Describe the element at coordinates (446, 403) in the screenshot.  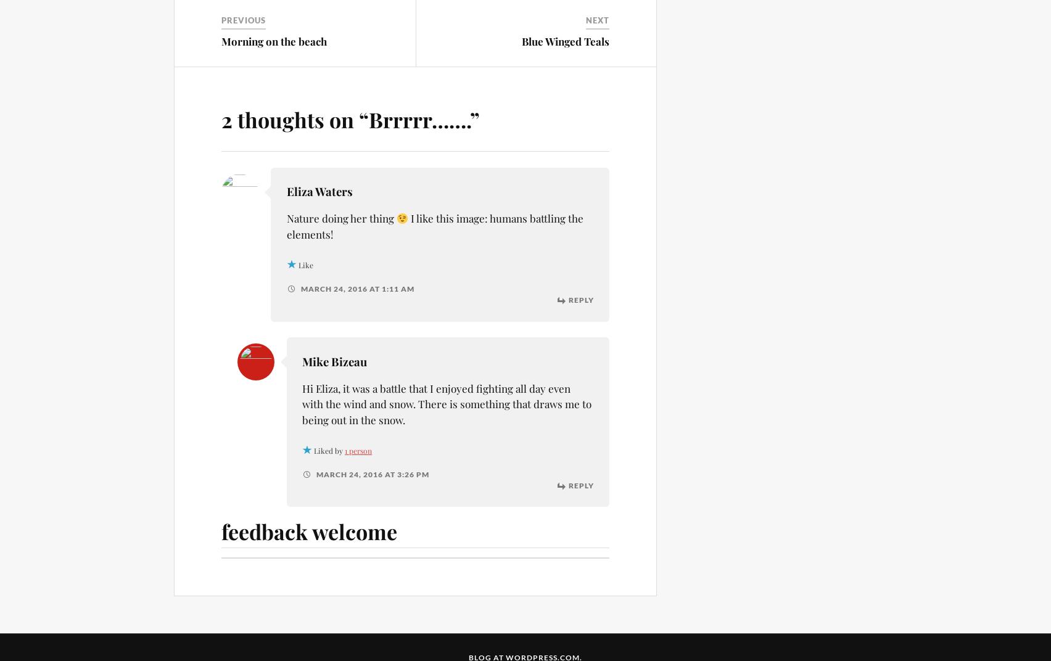
I see `'Hi Eliza, it was a battle that I enjoyed fighting all day even with the wind and snow. There is something that draws me to being out in the snow.'` at that location.